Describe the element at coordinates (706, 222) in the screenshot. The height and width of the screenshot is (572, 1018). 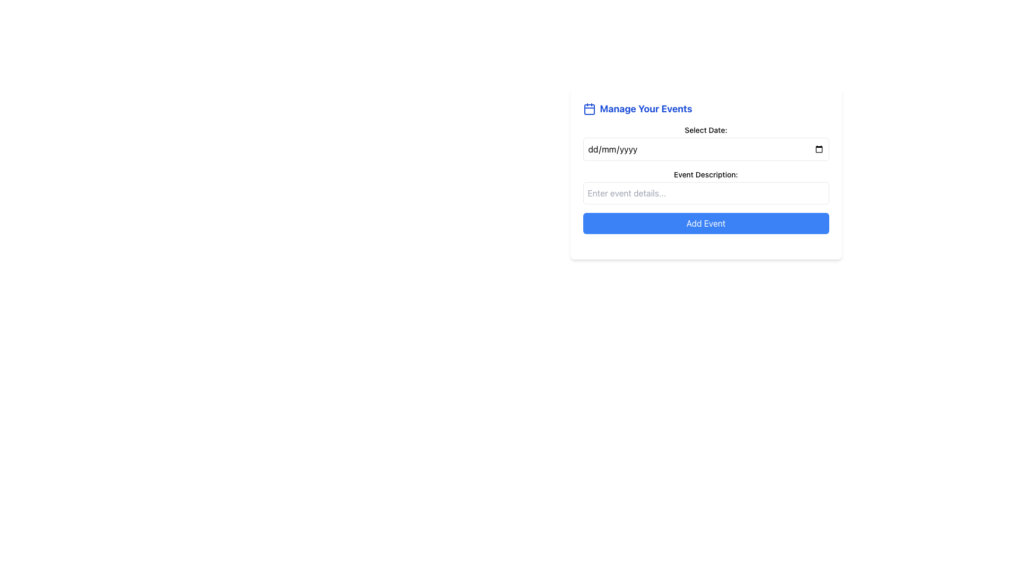
I see `the 'Add Event' button located at the bottom of the 'Manage Your Events' card after filling out the input fields for 'Event Description:' and 'Select Date:'` at that location.